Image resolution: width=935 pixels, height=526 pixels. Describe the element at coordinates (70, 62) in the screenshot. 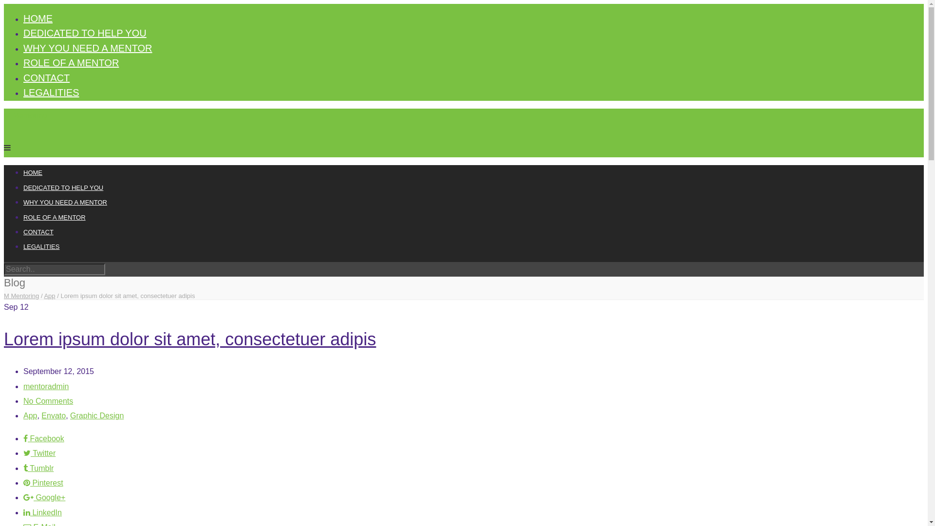

I see `'ROLE OF A MENTOR'` at that location.